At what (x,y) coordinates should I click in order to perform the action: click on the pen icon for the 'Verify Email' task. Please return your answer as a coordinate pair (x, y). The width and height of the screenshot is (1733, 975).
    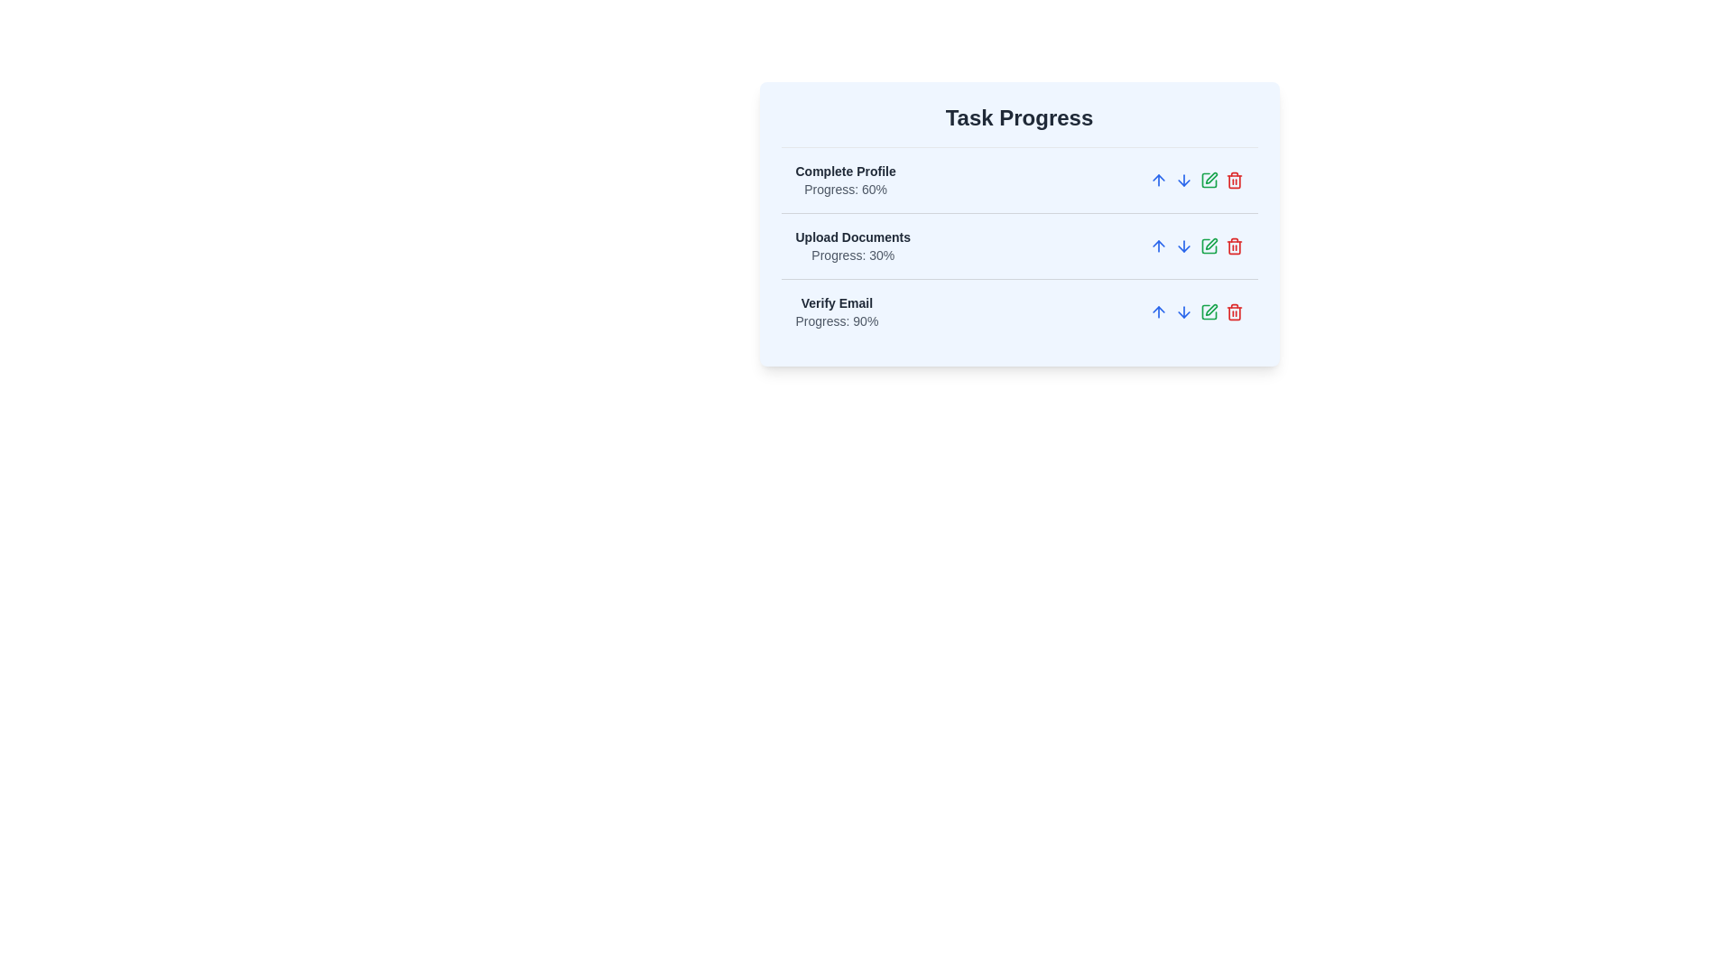
    Looking at the image, I should click on (1211, 309).